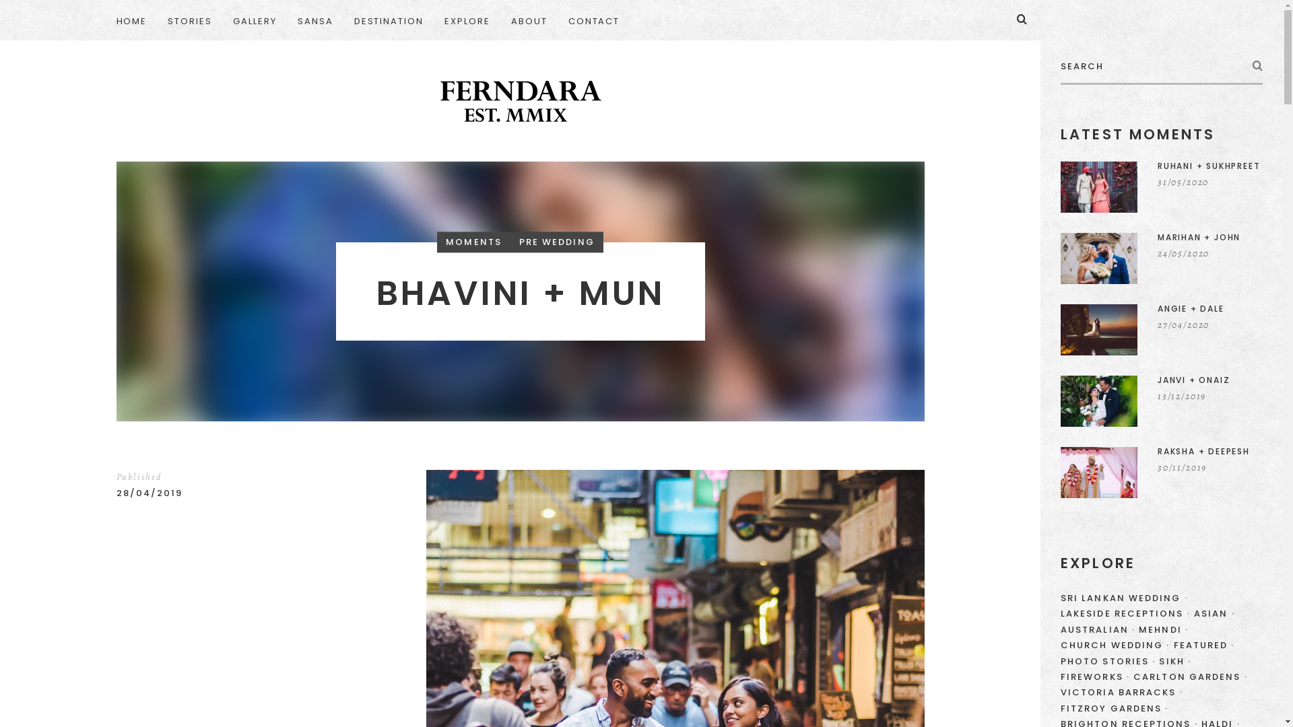 Image resolution: width=1293 pixels, height=727 pixels. What do you see at coordinates (287, 20) in the screenshot?
I see `'SANSA'` at bounding box center [287, 20].